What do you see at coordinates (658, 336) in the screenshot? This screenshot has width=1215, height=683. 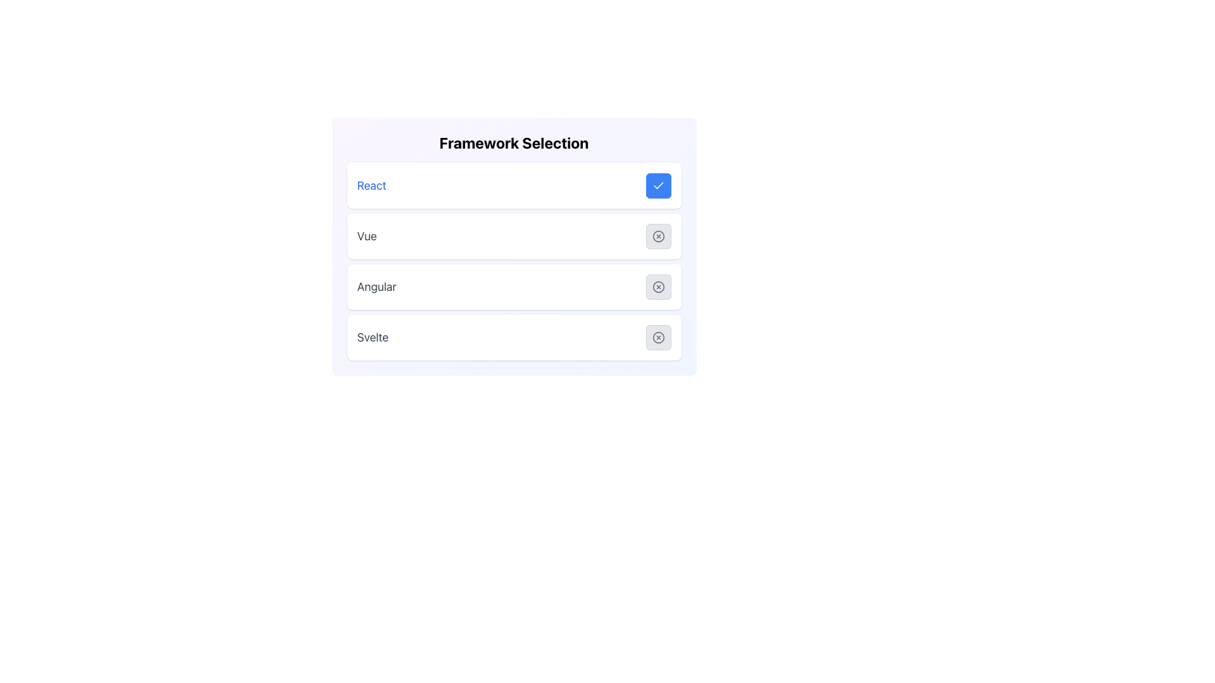 I see `the toggle button for the Svelte framework located at the far-right side of the Svelte selection row to observe a styling change` at bounding box center [658, 336].